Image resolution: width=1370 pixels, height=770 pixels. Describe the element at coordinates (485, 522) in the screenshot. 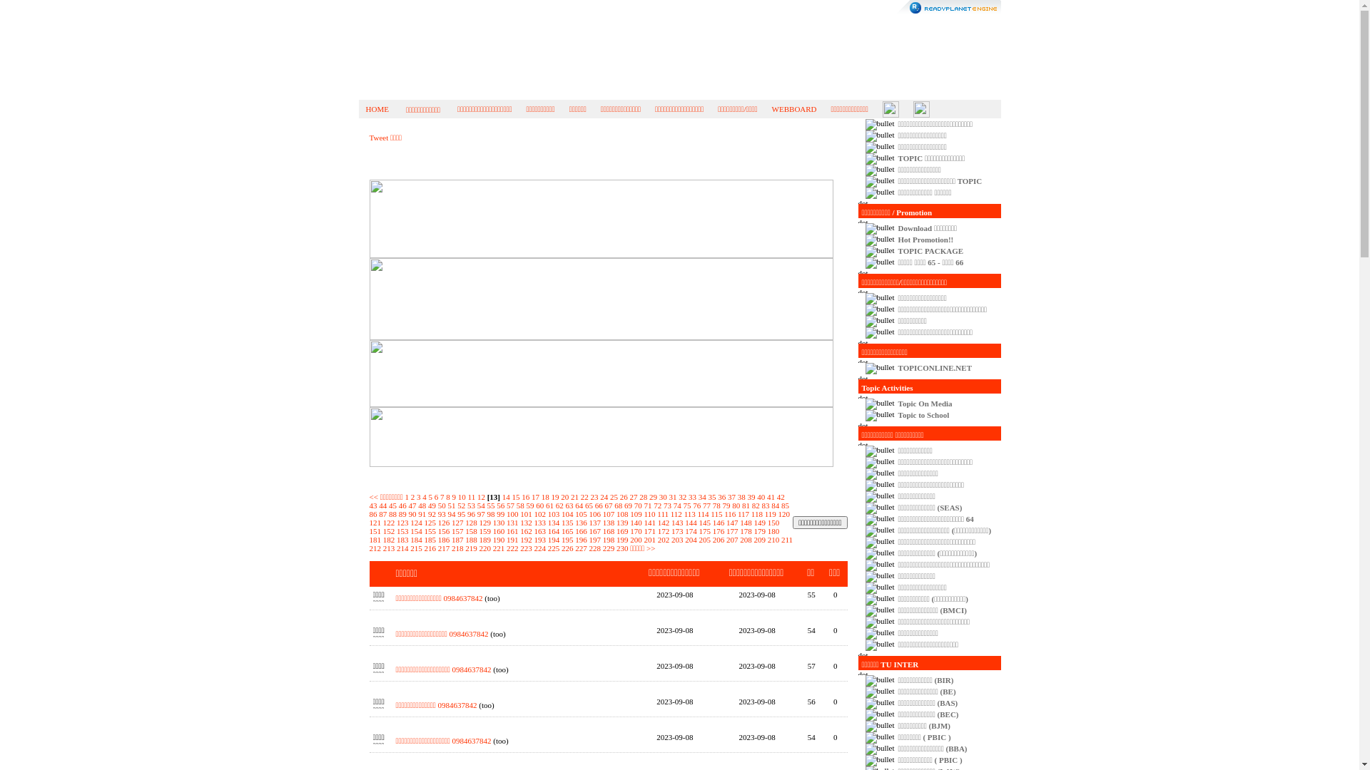

I see `'129'` at that location.